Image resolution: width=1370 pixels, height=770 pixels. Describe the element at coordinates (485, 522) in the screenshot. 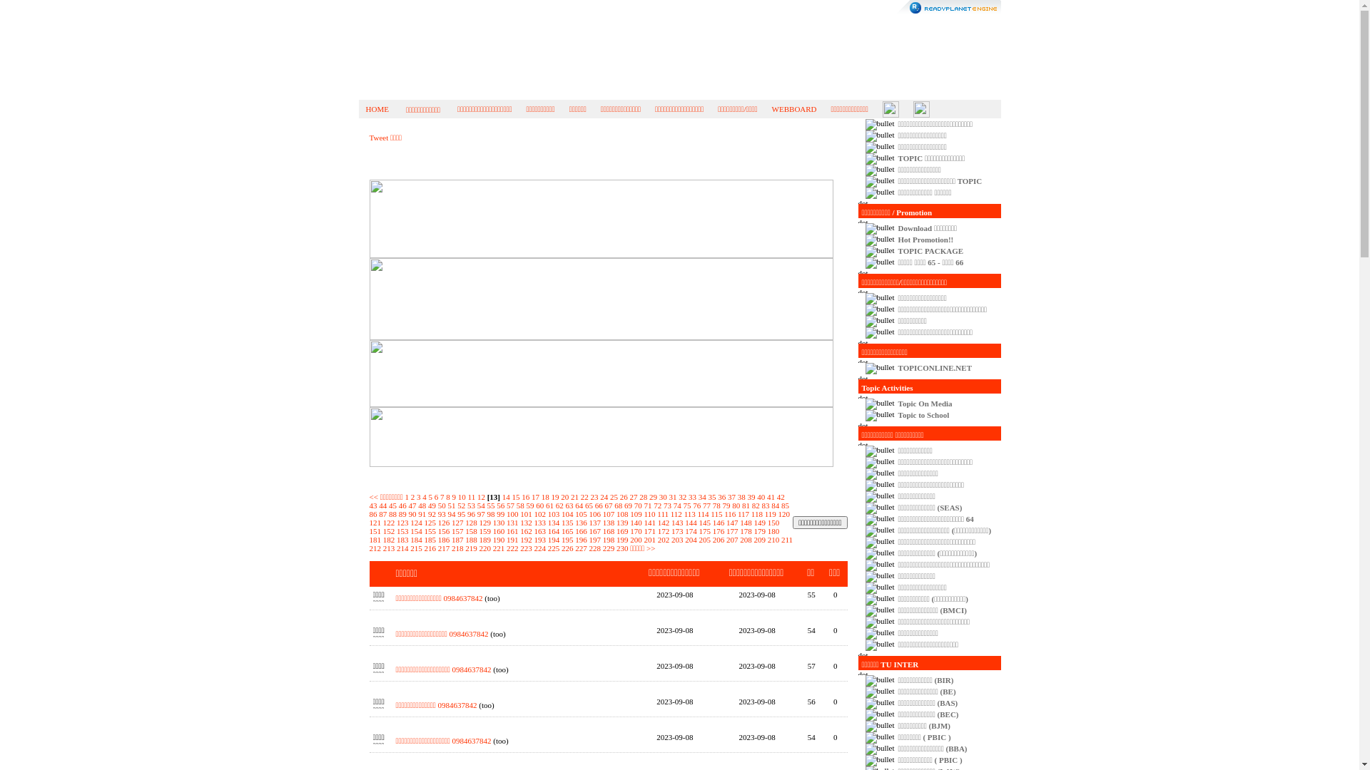

I see `'129'` at that location.